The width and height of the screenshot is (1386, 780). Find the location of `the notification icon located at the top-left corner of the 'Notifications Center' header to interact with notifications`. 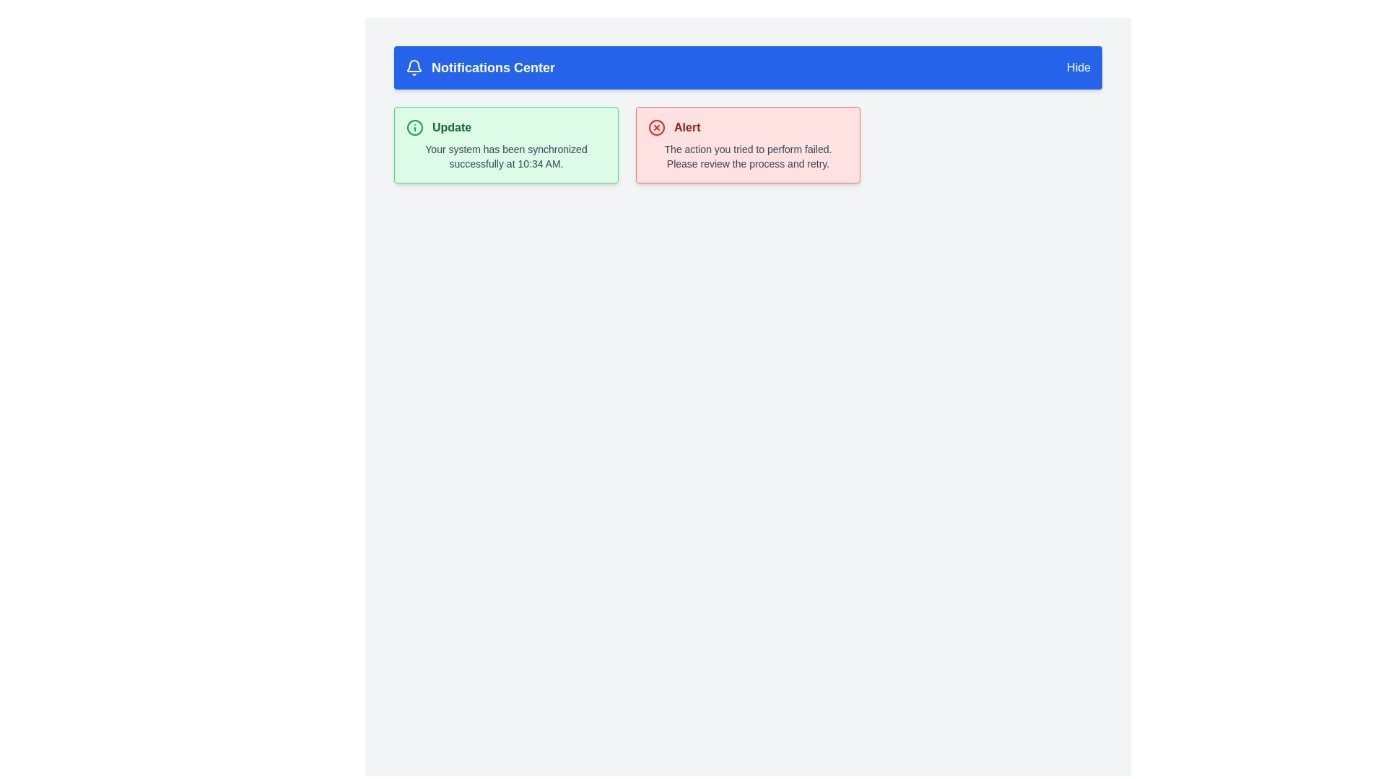

the notification icon located at the top-left corner of the 'Notifications Center' header to interact with notifications is located at coordinates (414, 67).